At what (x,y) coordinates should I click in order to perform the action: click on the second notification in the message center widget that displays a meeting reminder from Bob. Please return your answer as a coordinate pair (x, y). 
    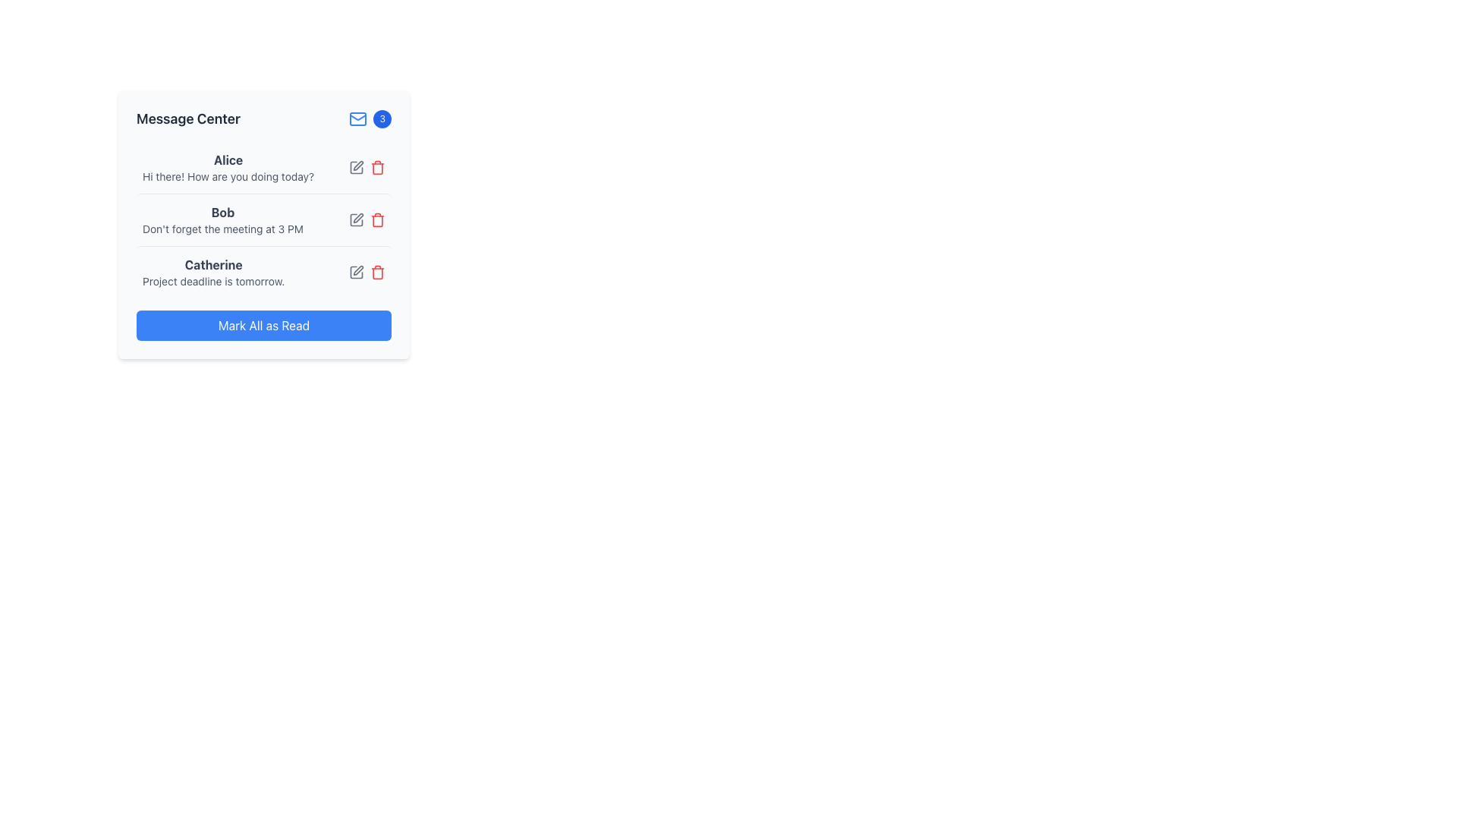
    Looking at the image, I should click on (263, 219).